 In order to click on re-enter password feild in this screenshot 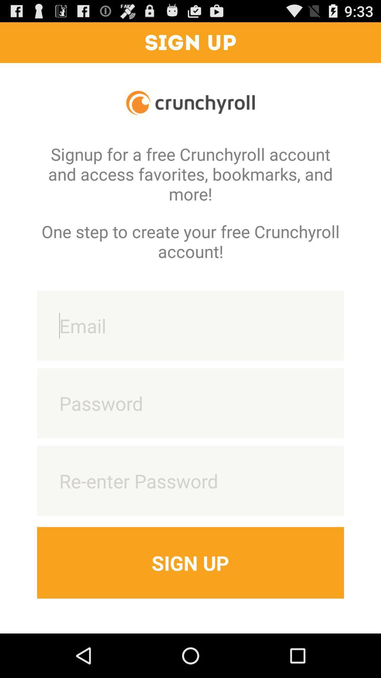, I will do `click(190, 480)`.